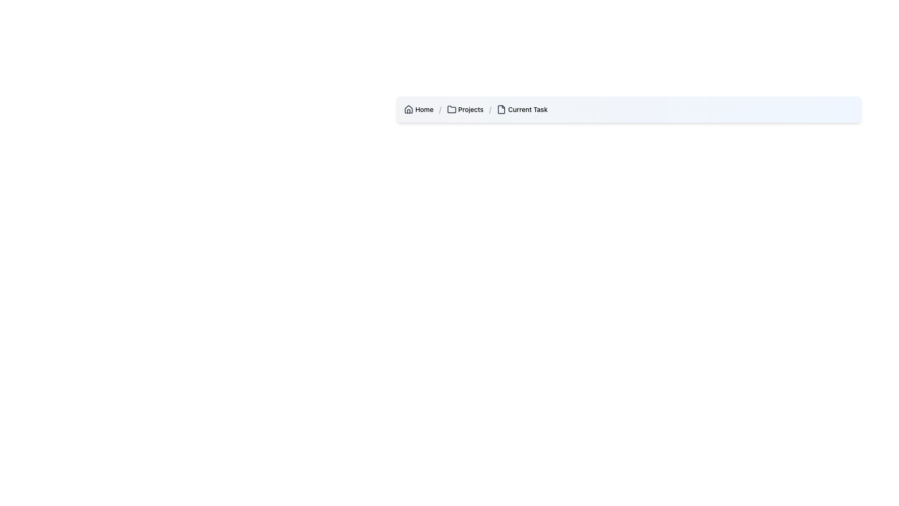 The image size is (899, 506). I want to click on the 'Home' link in the breadcrumb navigation, so click(418, 109).